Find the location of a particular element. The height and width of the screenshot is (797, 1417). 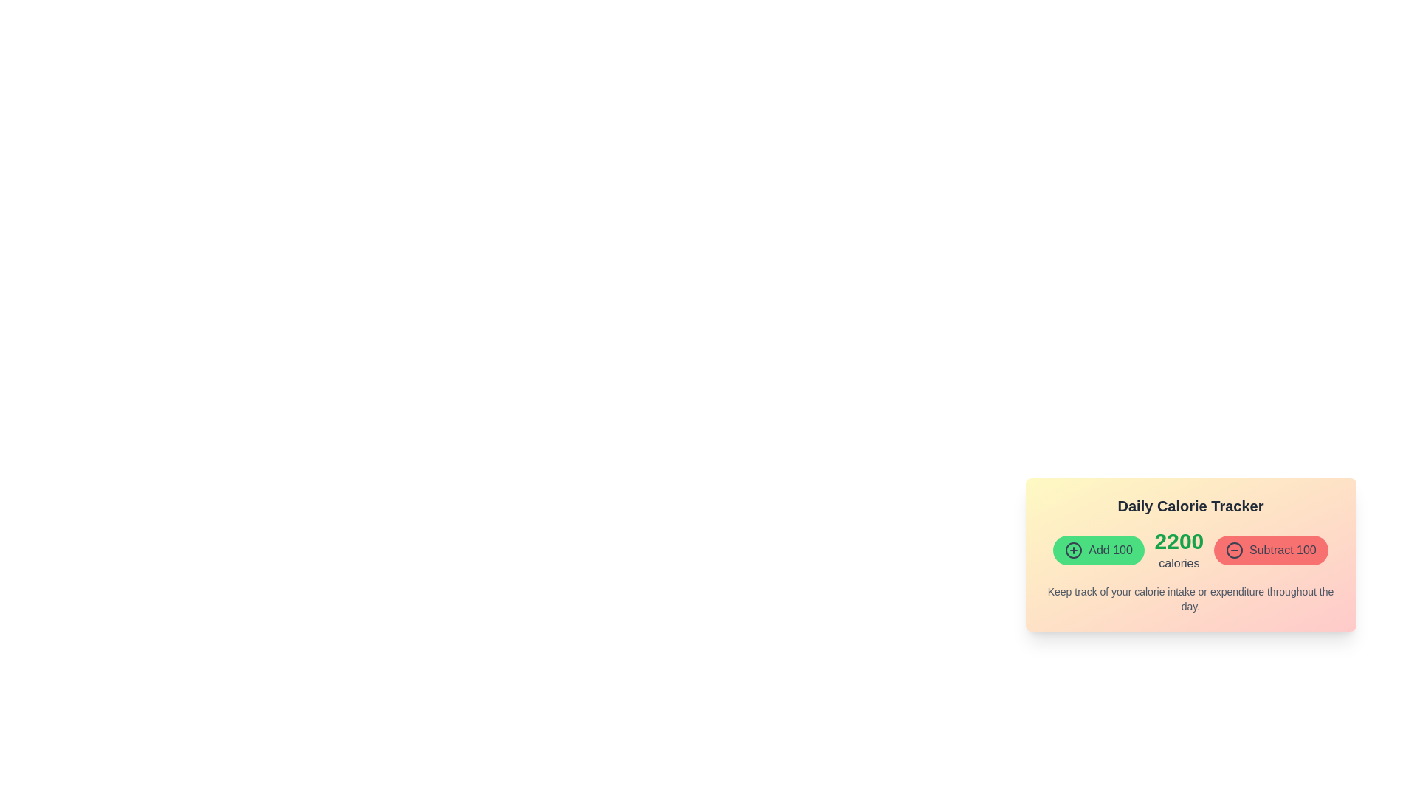

the Text Display element that shows the current total calorie count, located in the center of the 'Daily Calorie Tracker' component is located at coordinates (1190, 550).